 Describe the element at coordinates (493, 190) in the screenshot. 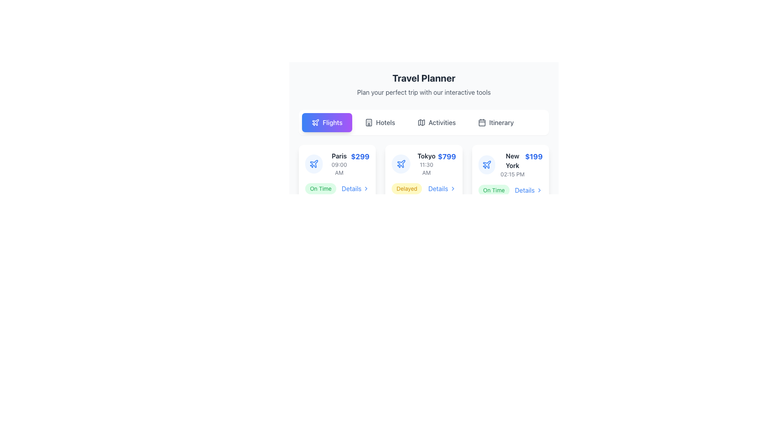

I see `the pill-shaped label with the text 'On Time', which has a light green background and green text, positioned to the left of the 'Details' hyperlink` at that location.